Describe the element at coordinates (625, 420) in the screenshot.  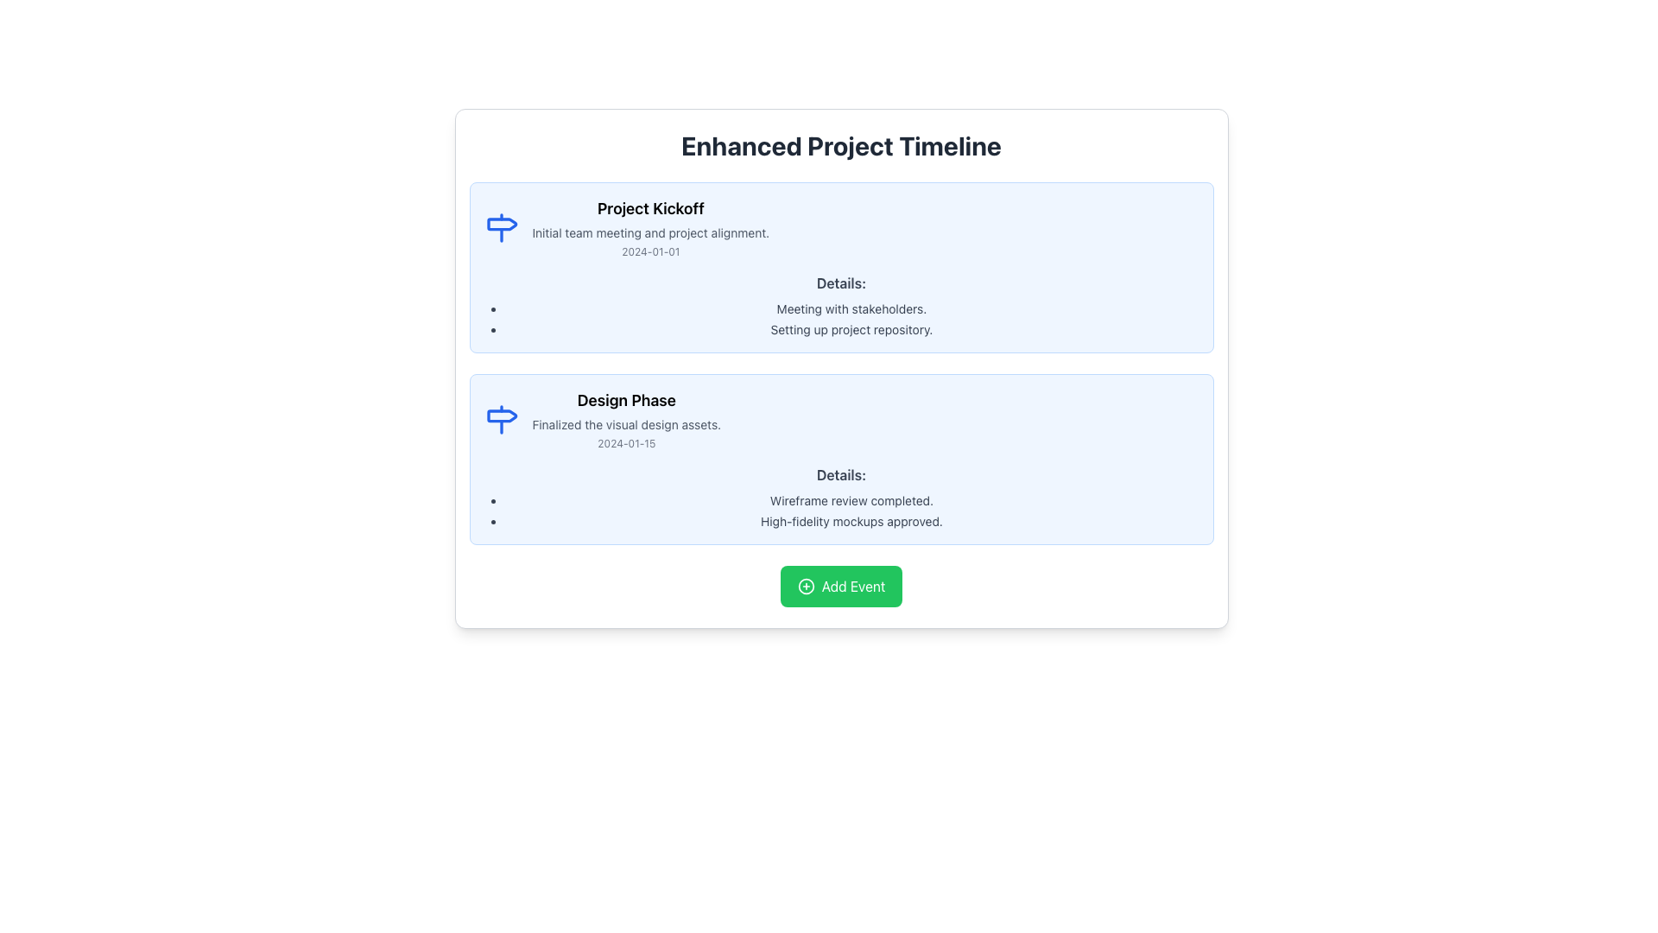
I see `informative text block about the 'Design Phase' of the project, which is the second card in the vertically stacked list of project phases, positioned below the 'Project Kickoff' card` at that location.